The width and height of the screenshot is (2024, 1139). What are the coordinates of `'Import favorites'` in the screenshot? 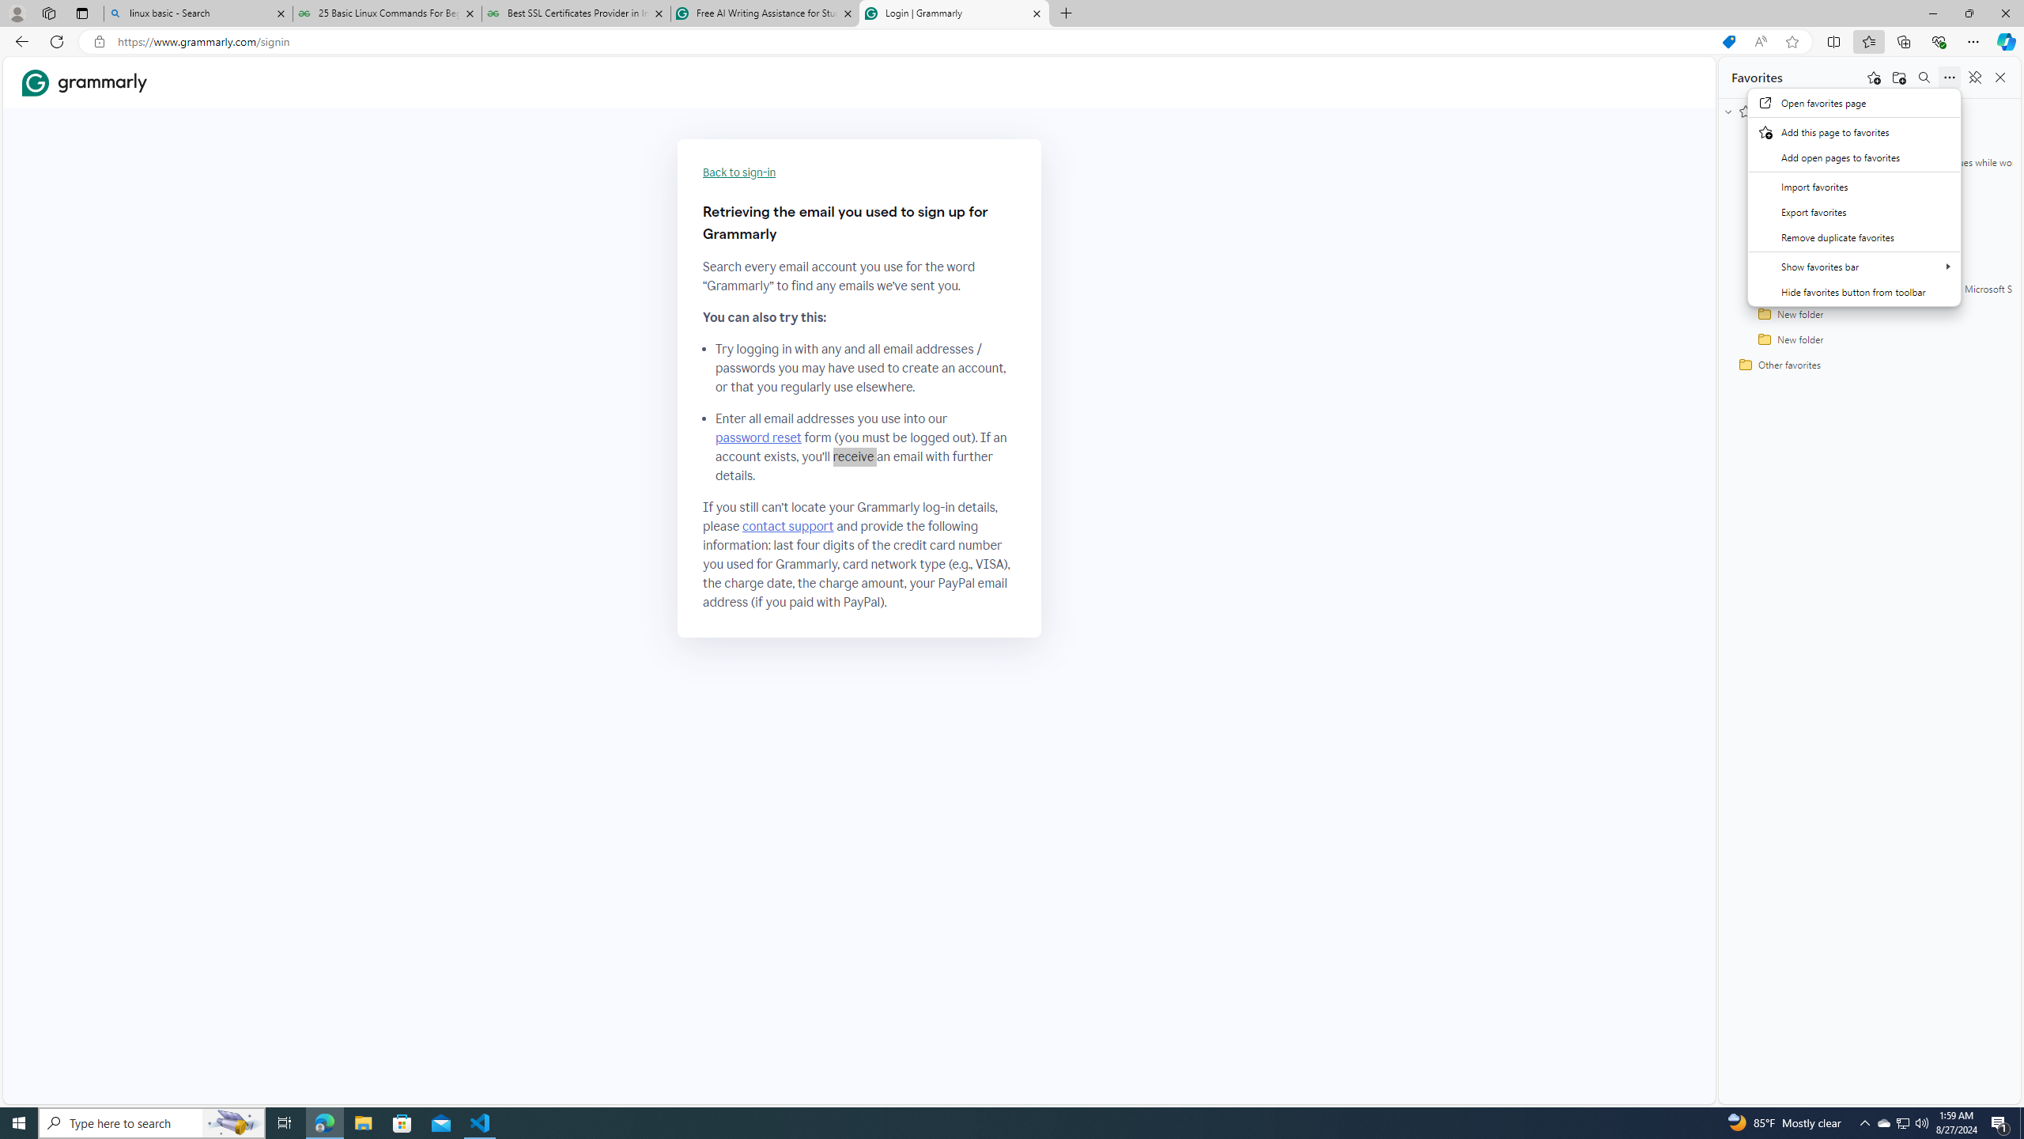 It's located at (1854, 186).